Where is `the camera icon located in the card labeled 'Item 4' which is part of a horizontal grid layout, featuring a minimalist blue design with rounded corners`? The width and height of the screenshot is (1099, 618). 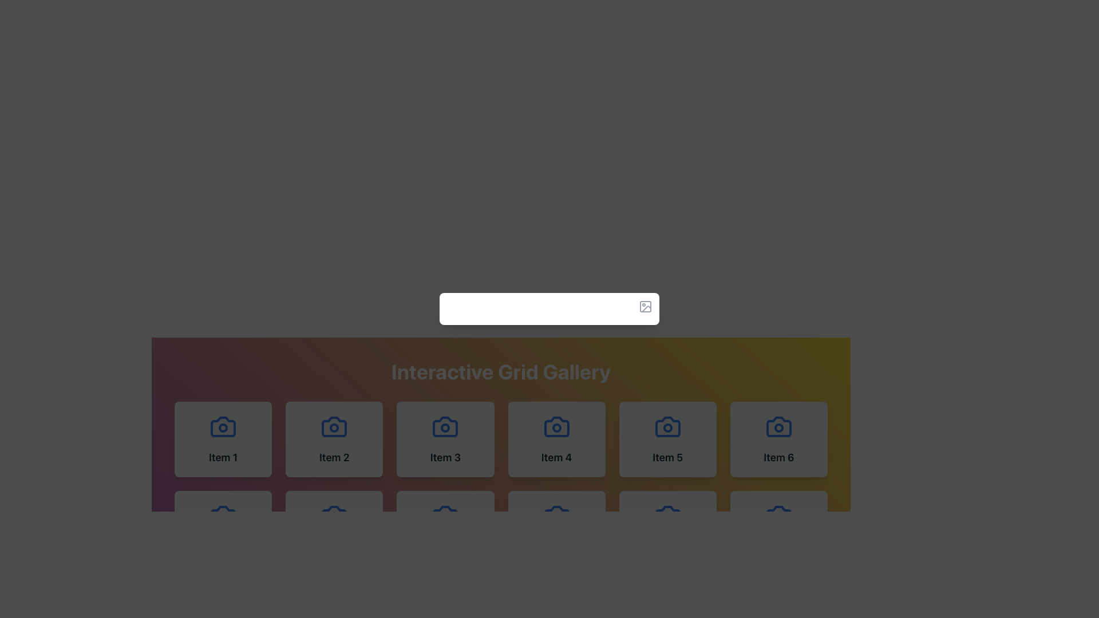
the camera icon located in the card labeled 'Item 4' which is part of a horizontal grid layout, featuring a minimalist blue design with rounded corners is located at coordinates (556, 426).